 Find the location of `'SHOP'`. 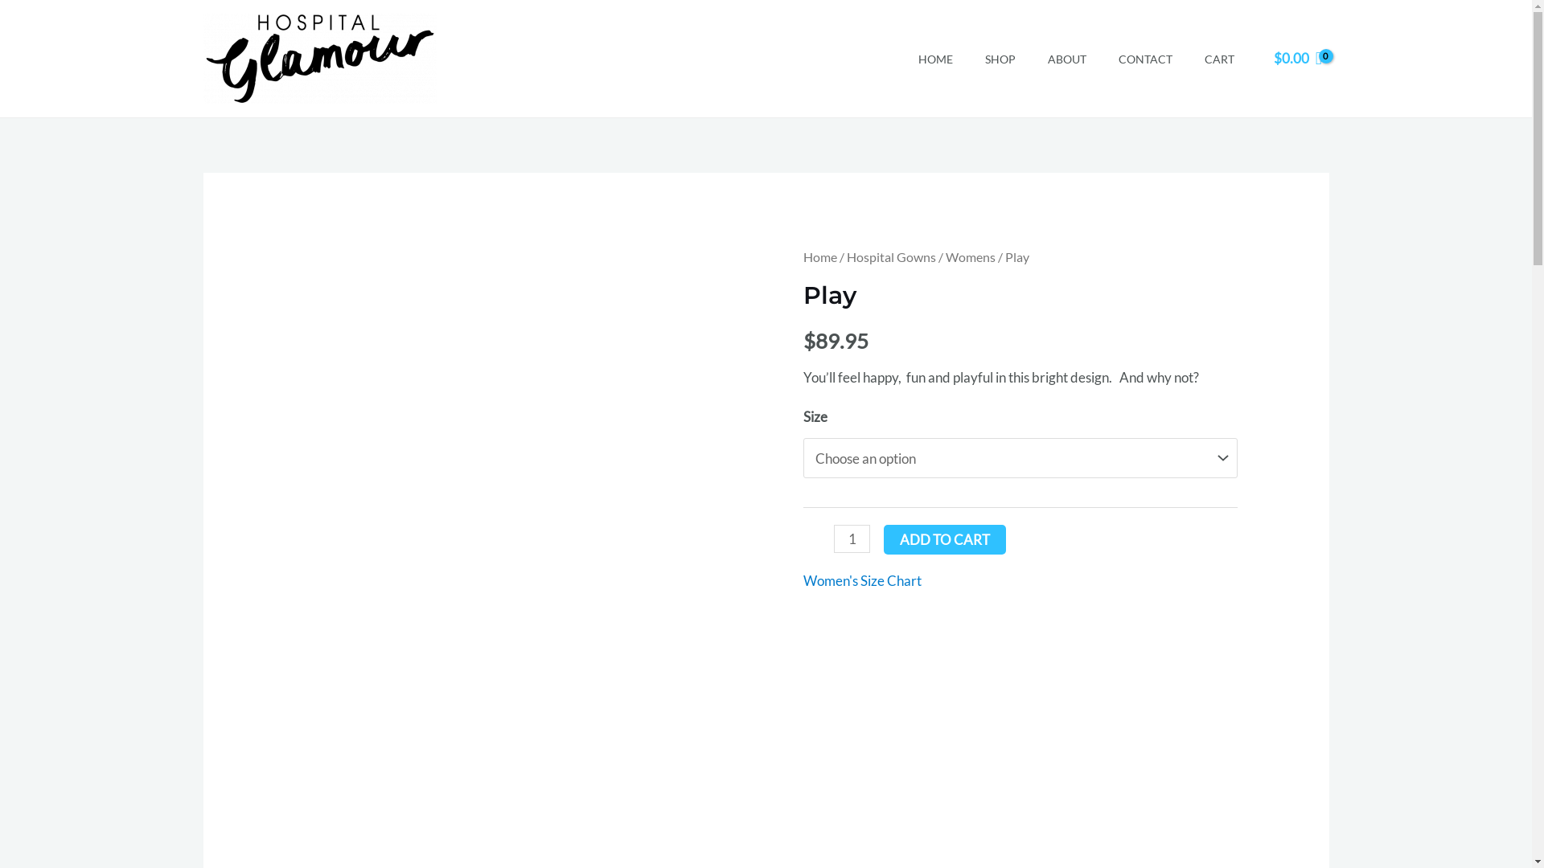

'SHOP' is located at coordinates (967, 58).